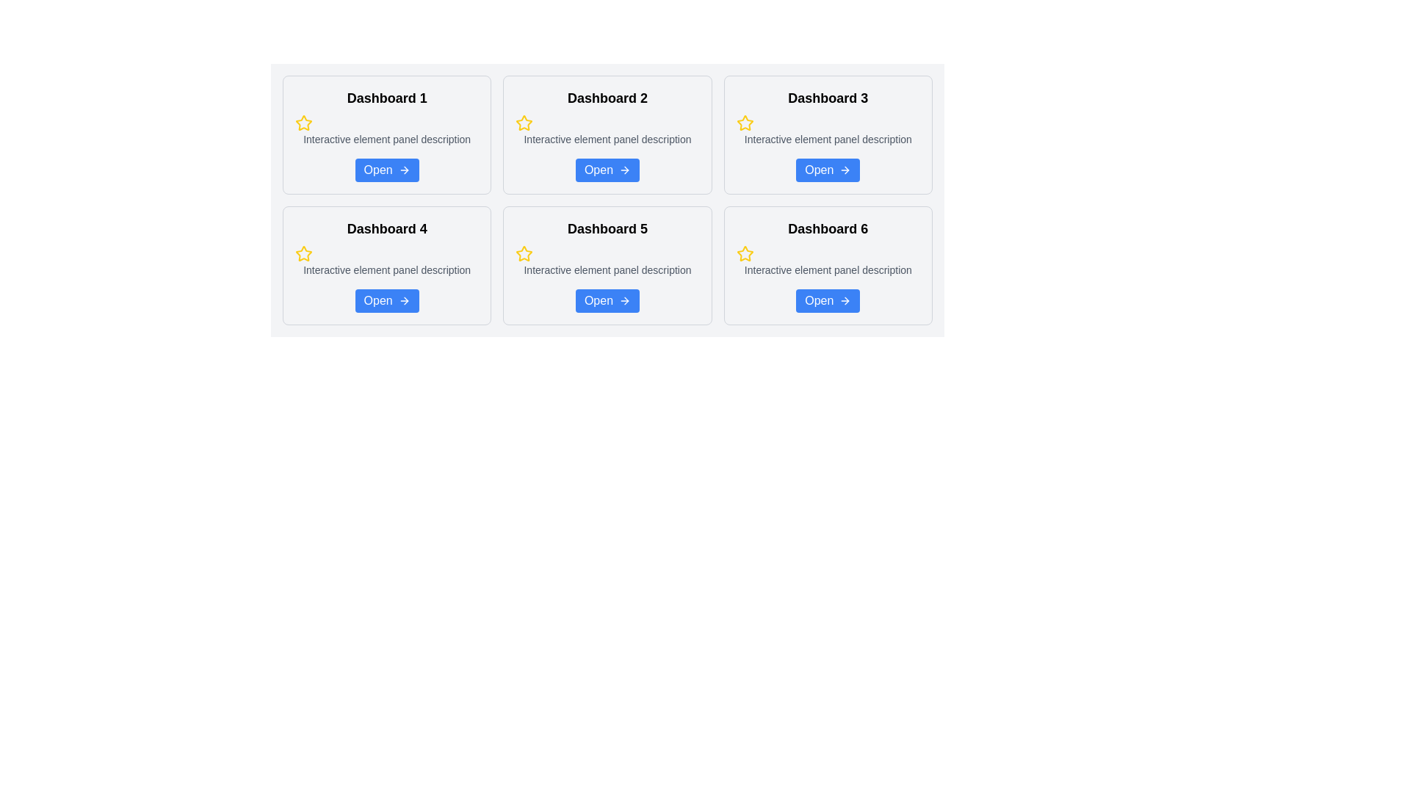 This screenshot has width=1410, height=793. Describe the element at coordinates (607, 229) in the screenshot. I see `the text component displaying 'Dashboard 5', which is centered horizontally and located near the top in the second row, second column of the grid layout` at that location.